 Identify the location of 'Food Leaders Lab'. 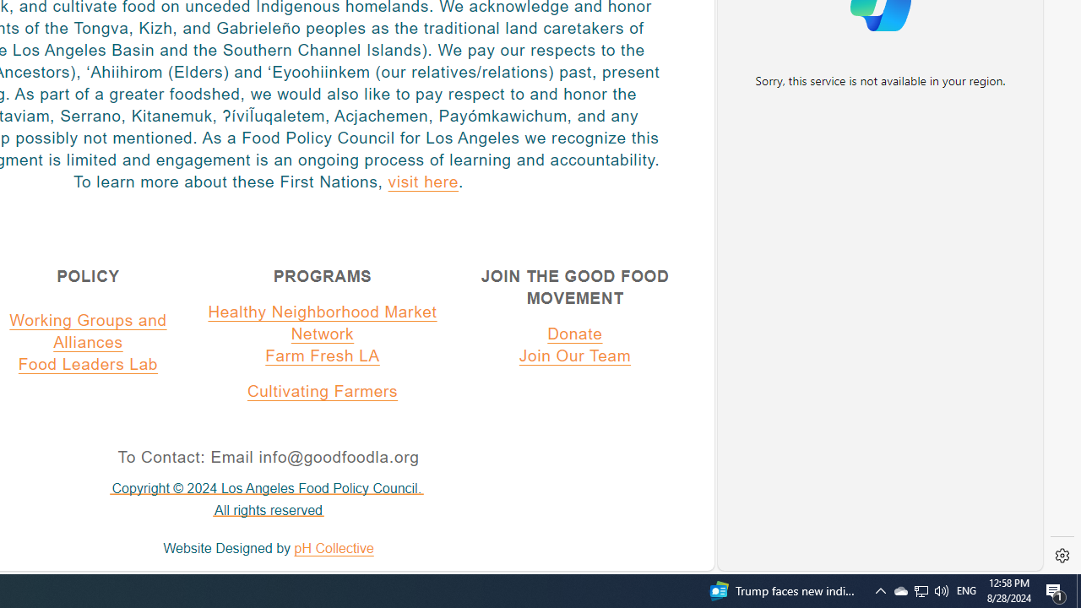
(87, 363).